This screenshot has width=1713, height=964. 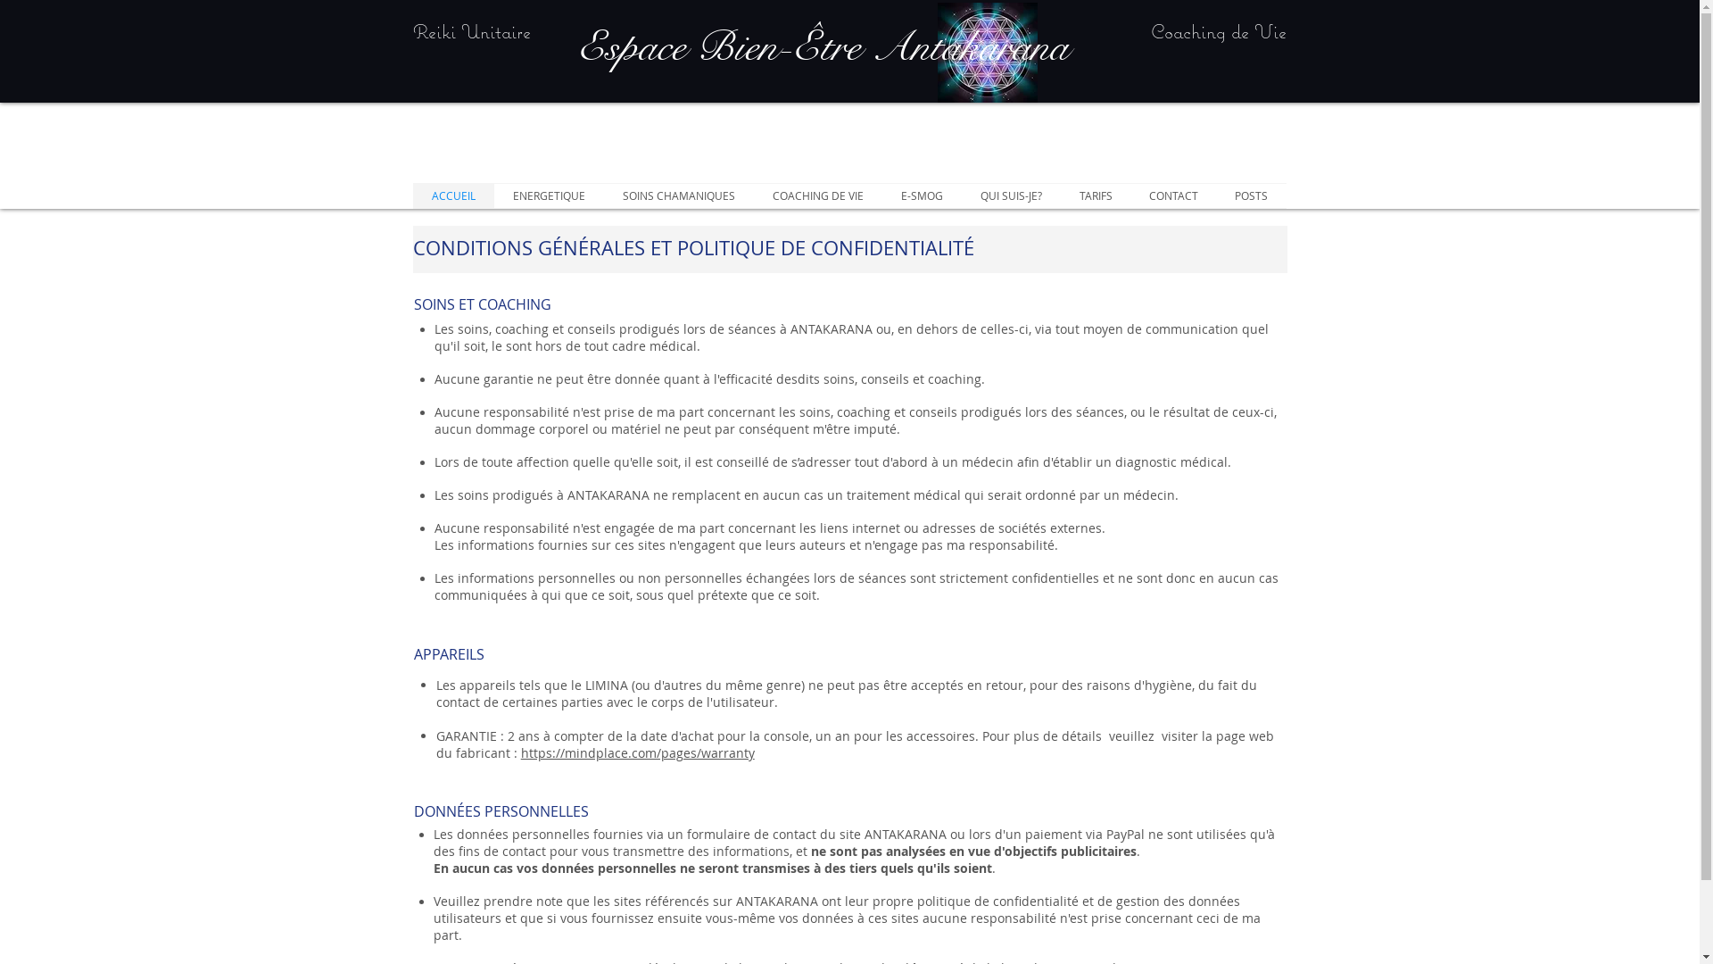 I want to click on 'TARIFS', so click(x=1094, y=195).